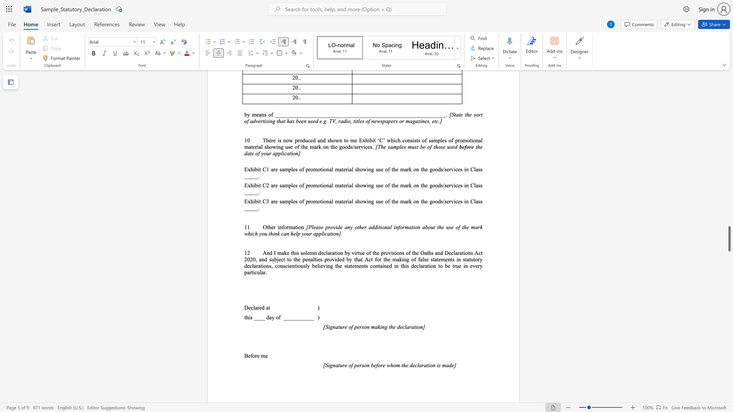 The image size is (733, 412). Describe the element at coordinates (729, 160) in the screenshot. I see `the scrollbar` at that location.